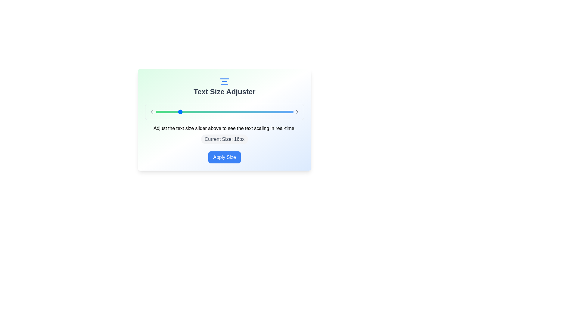 The image size is (578, 325). I want to click on the text size slider to set the text size to 24px, so click(224, 112).